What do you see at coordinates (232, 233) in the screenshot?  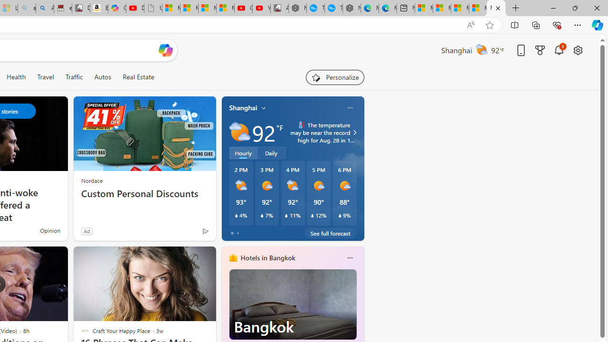 I see `'tab-0'` at bounding box center [232, 233].